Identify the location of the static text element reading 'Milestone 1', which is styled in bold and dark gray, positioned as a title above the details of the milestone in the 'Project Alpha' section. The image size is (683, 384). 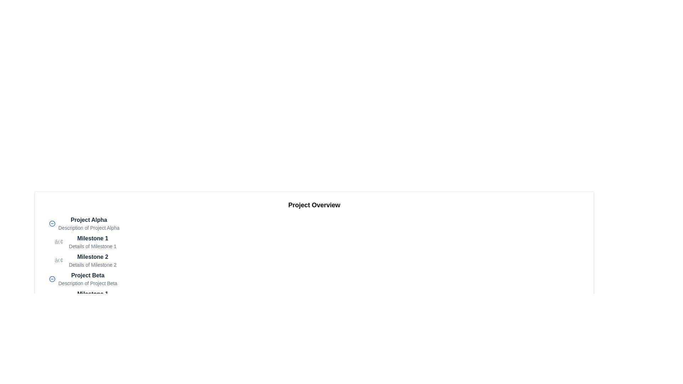
(92, 239).